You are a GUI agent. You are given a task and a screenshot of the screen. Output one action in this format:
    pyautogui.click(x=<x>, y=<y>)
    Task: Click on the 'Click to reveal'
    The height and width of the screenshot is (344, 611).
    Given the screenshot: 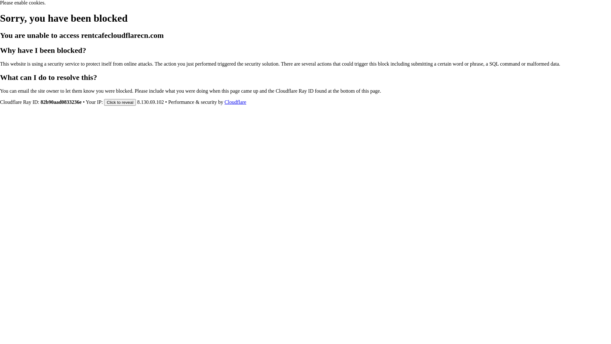 What is the action you would take?
    pyautogui.click(x=120, y=102)
    